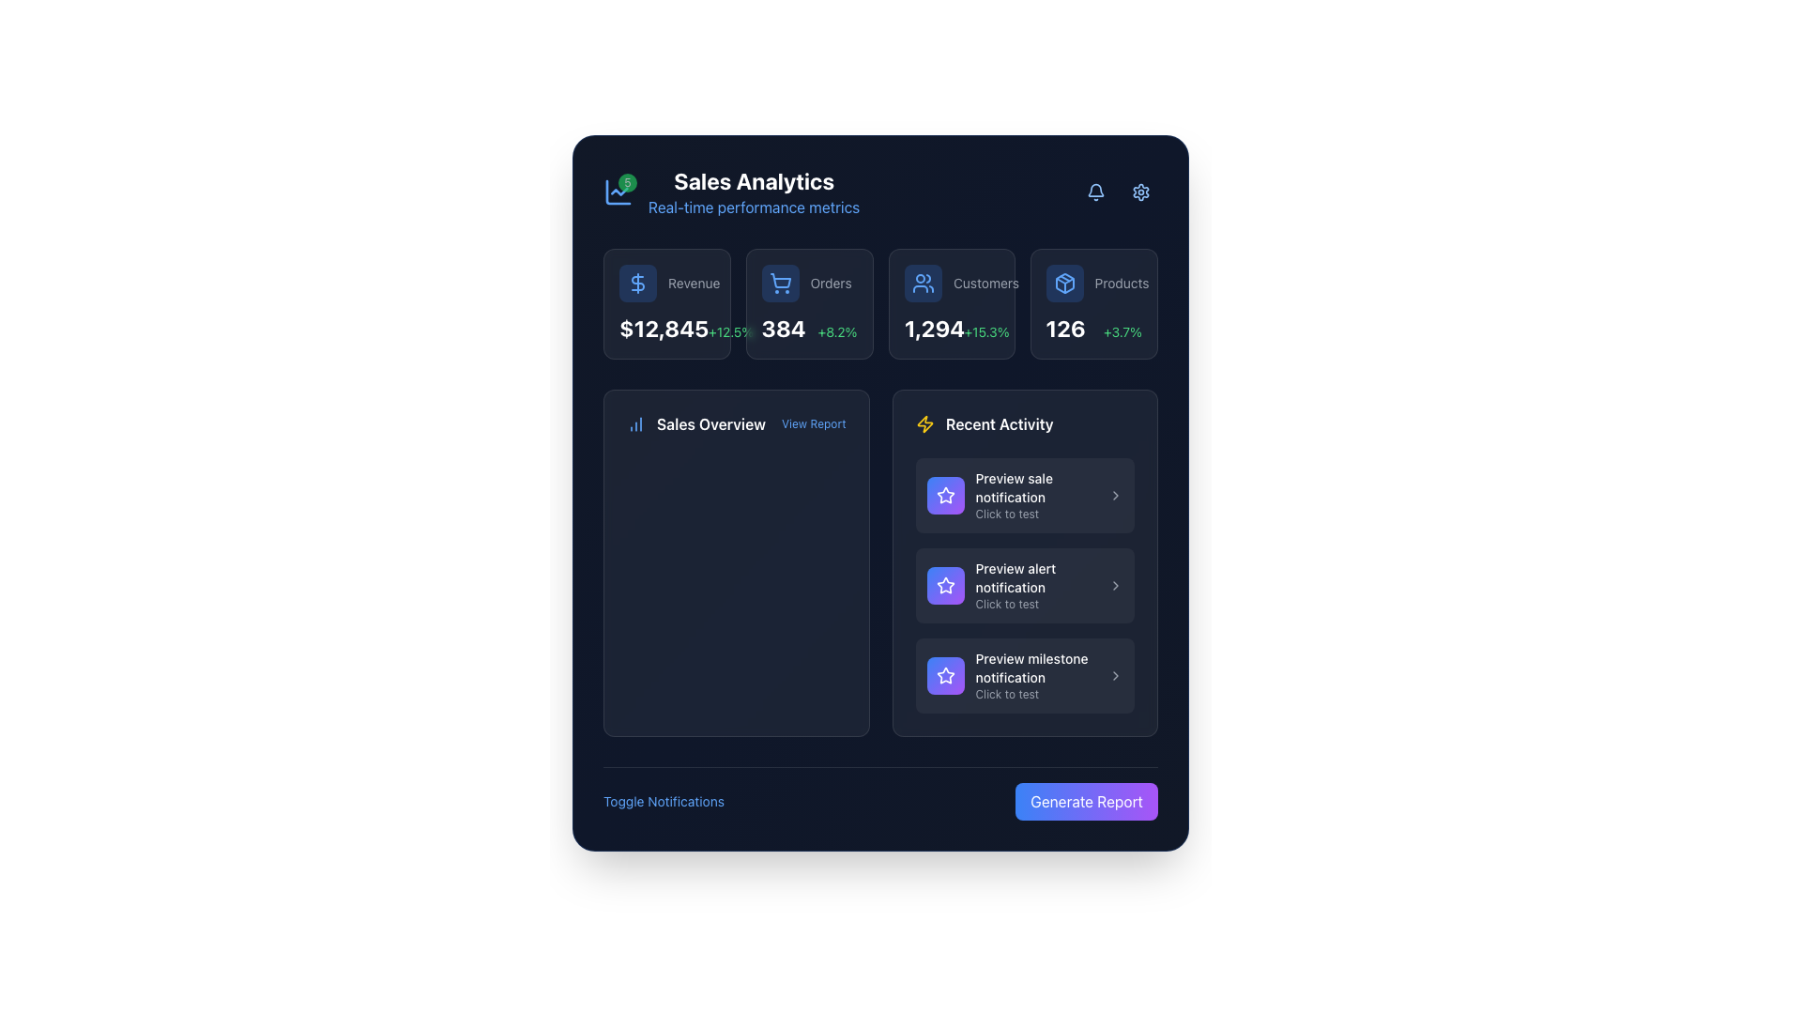  What do you see at coordinates (1116, 495) in the screenshot?
I see `the interactive icon located on the far-right side of the 'Preview sale notification' entry in the 'Recent Activity' section` at bounding box center [1116, 495].